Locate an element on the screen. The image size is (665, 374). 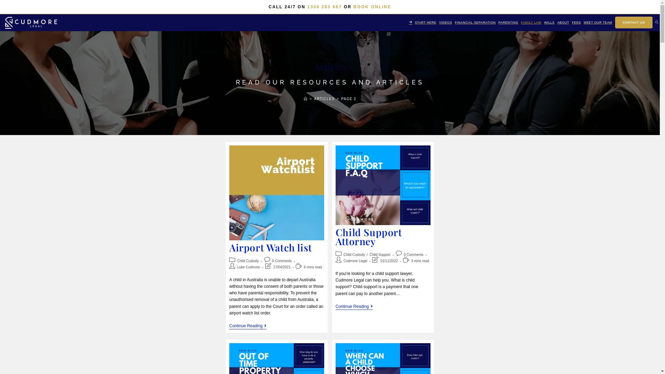
'0 Comments' is located at coordinates (282, 261).